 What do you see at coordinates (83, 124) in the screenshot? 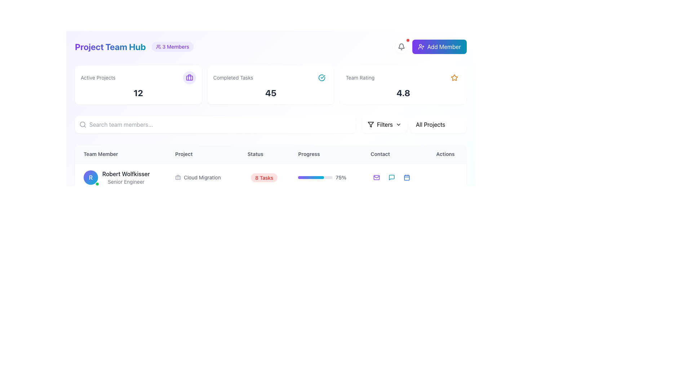
I see `the search icon located to the left of the 'Search team members...' input field in the header section of the interface` at bounding box center [83, 124].